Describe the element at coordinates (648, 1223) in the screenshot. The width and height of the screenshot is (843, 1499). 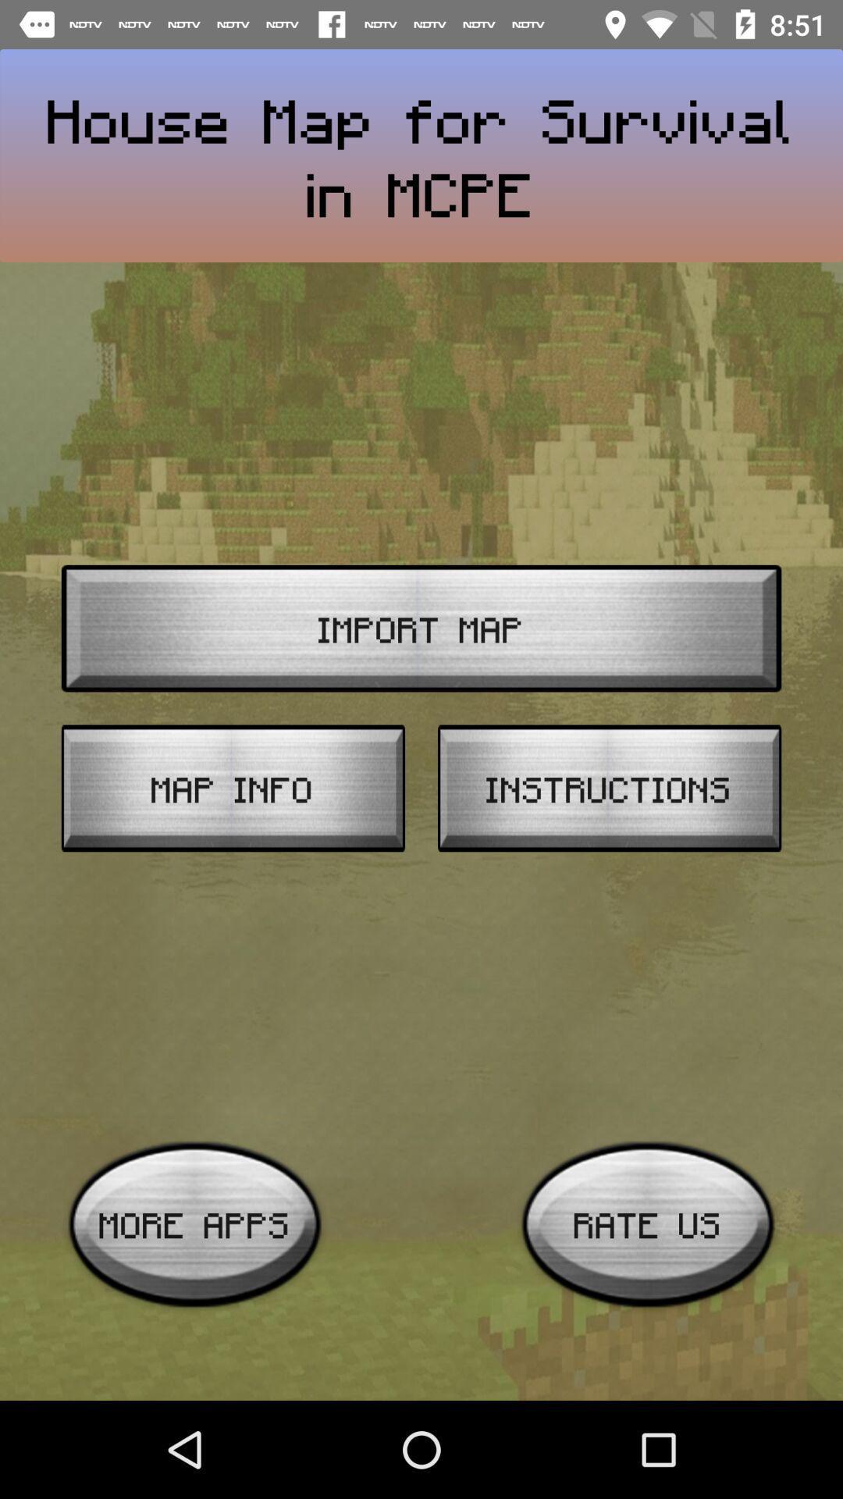
I see `the icon to the right of more apps item` at that location.